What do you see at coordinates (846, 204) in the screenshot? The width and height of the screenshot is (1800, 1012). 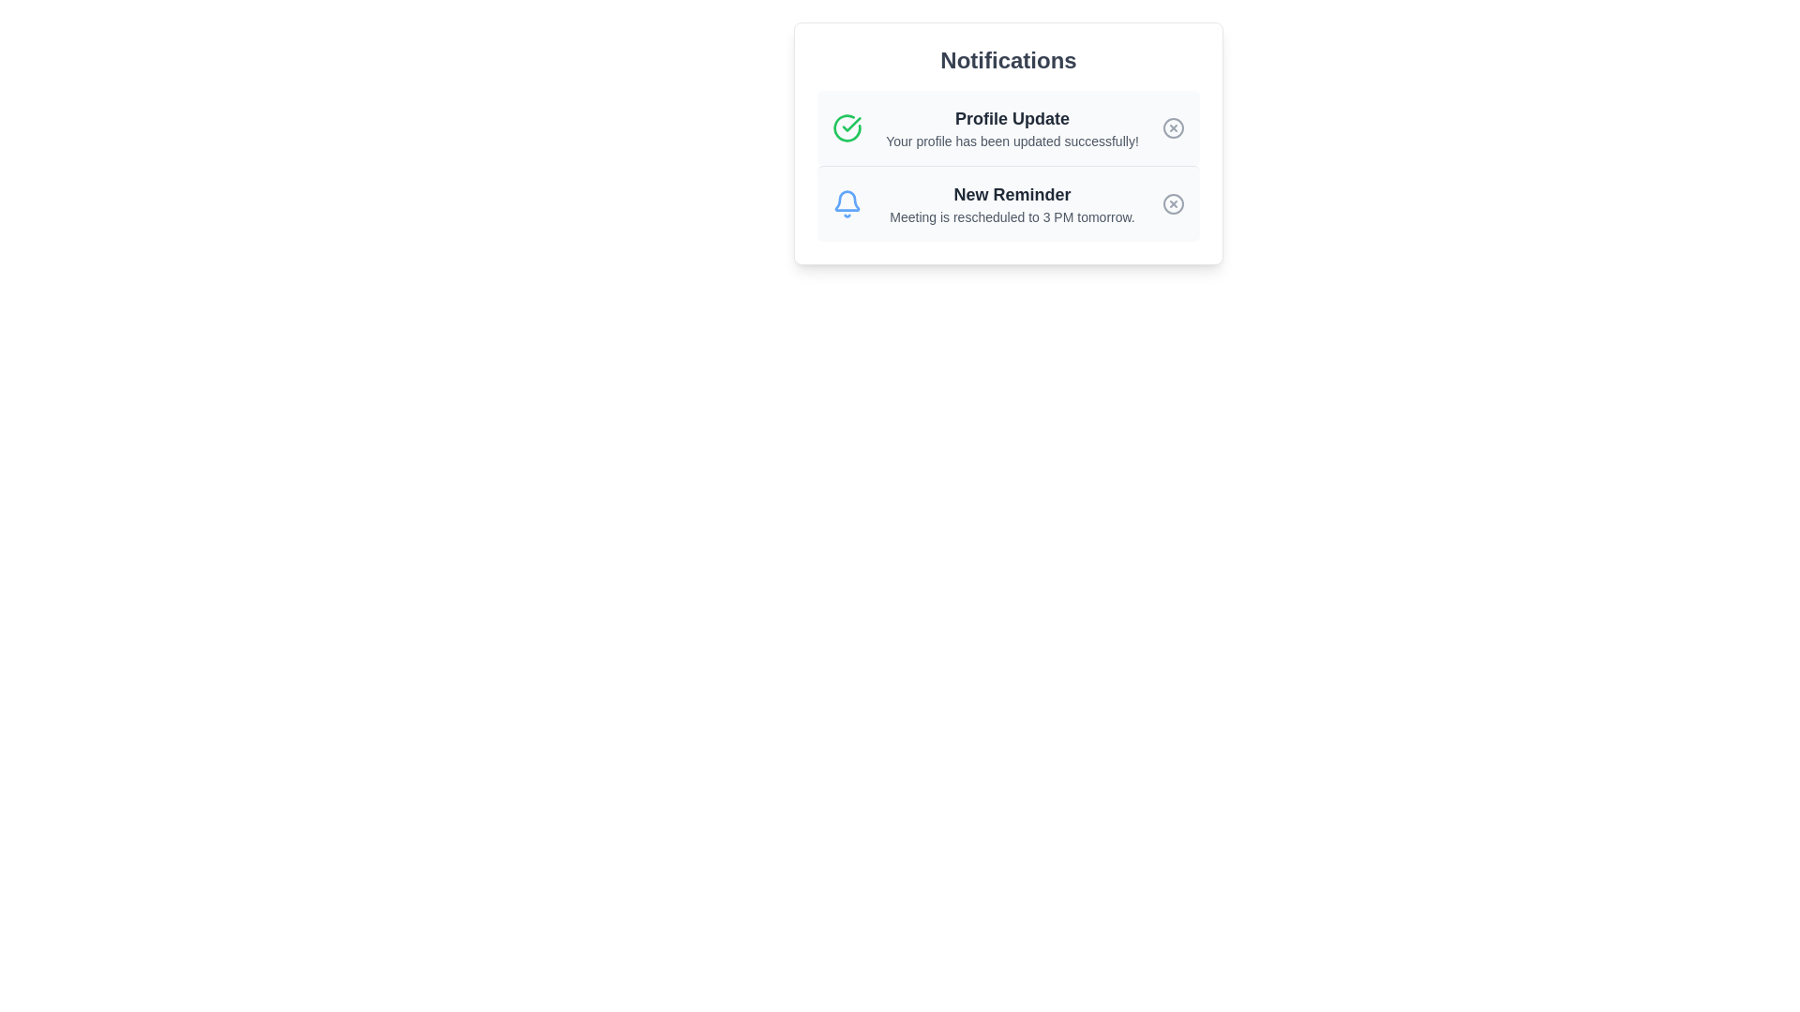 I see `the bell-shaped icon with a blue outline, positioned to the left of the 'New Reminder' text` at bounding box center [846, 204].